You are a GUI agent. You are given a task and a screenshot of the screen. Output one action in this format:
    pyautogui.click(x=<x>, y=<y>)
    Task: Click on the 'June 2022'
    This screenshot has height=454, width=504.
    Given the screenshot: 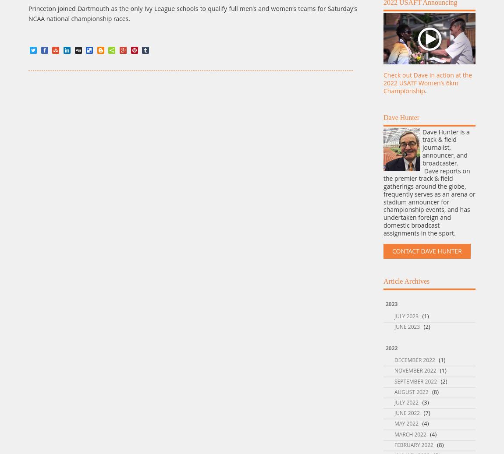 What is the action you would take?
    pyautogui.click(x=407, y=413)
    